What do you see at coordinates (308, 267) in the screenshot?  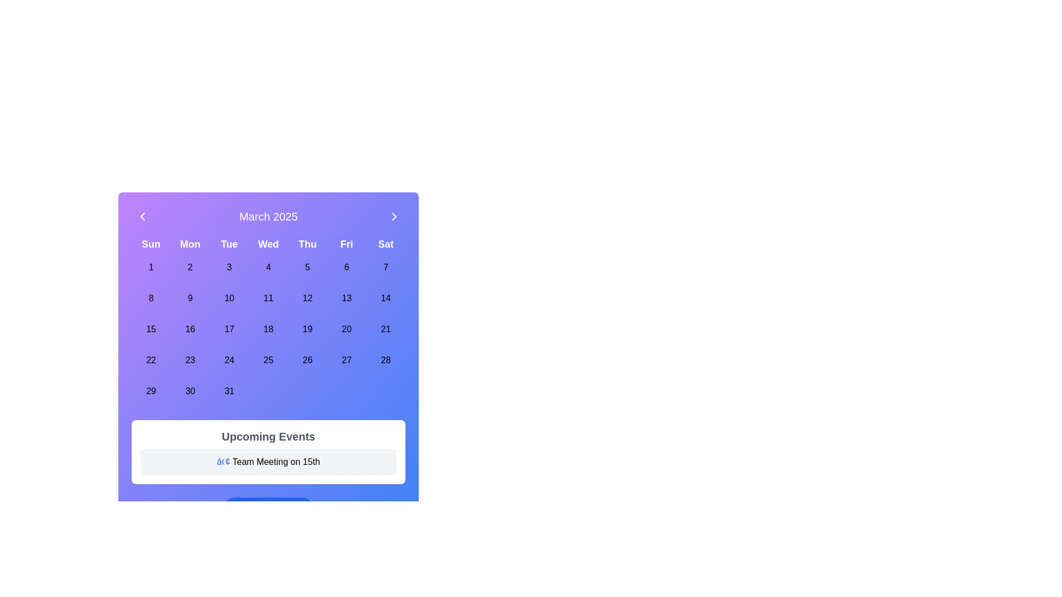 I see `the clickable day button representing the 5th of March 2025 in the calendar interface to visualize the hover effect` at bounding box center [308, 267].